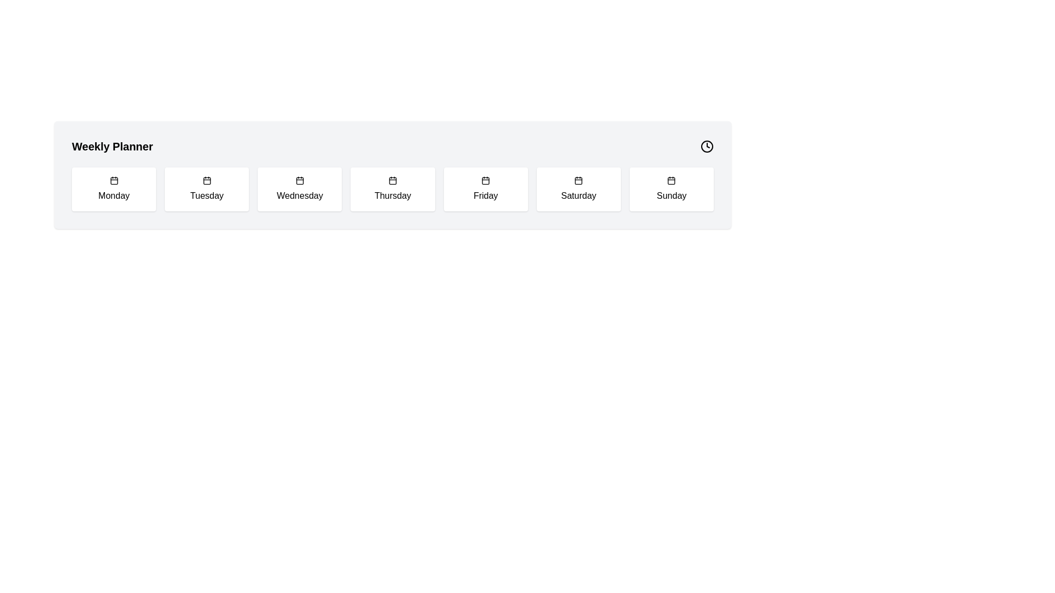  I want to click on the 'Tuesday' button in the weekly planner, so click(207, 188).